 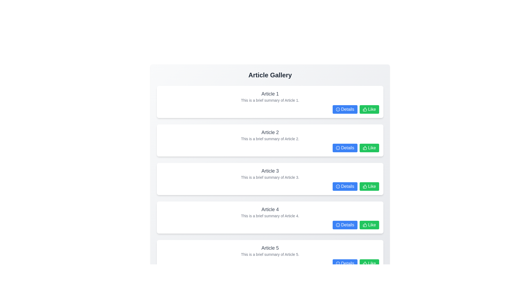 I want to click on the title 'Article 4' or the summary text, so click(x=270, y=212).